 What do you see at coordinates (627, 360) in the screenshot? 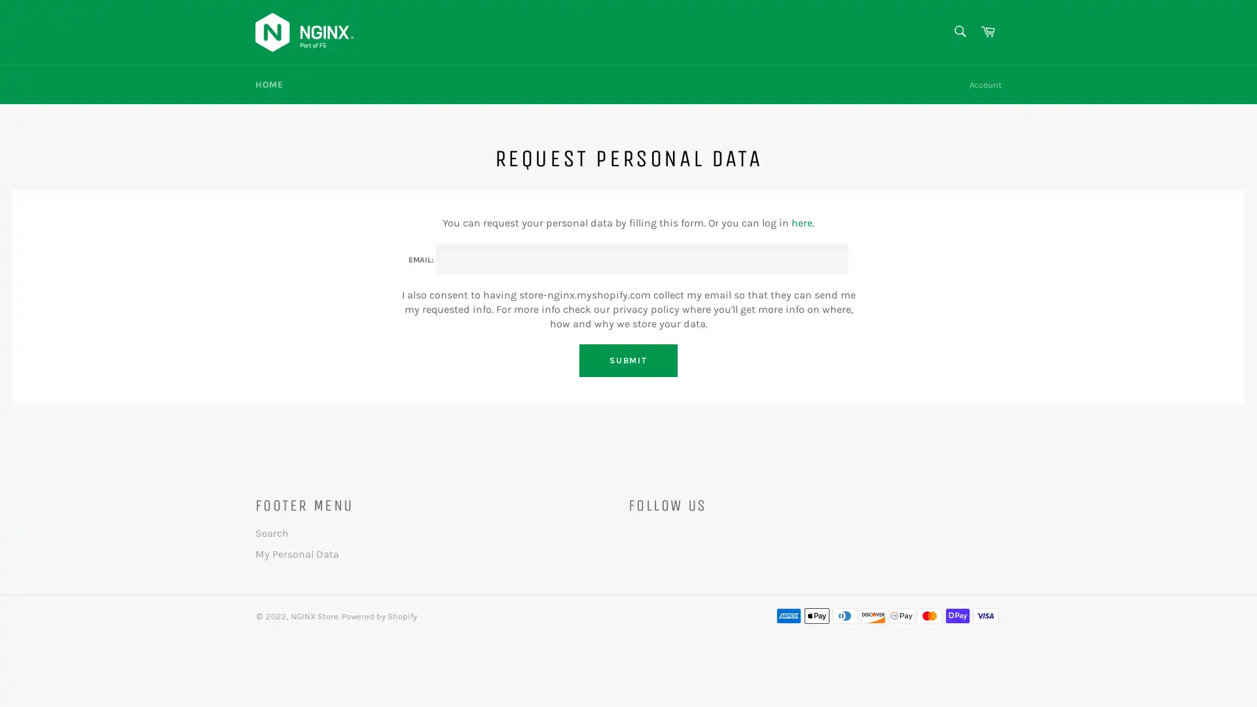
I see `SUBMIT` at bounding box center [627, 360].